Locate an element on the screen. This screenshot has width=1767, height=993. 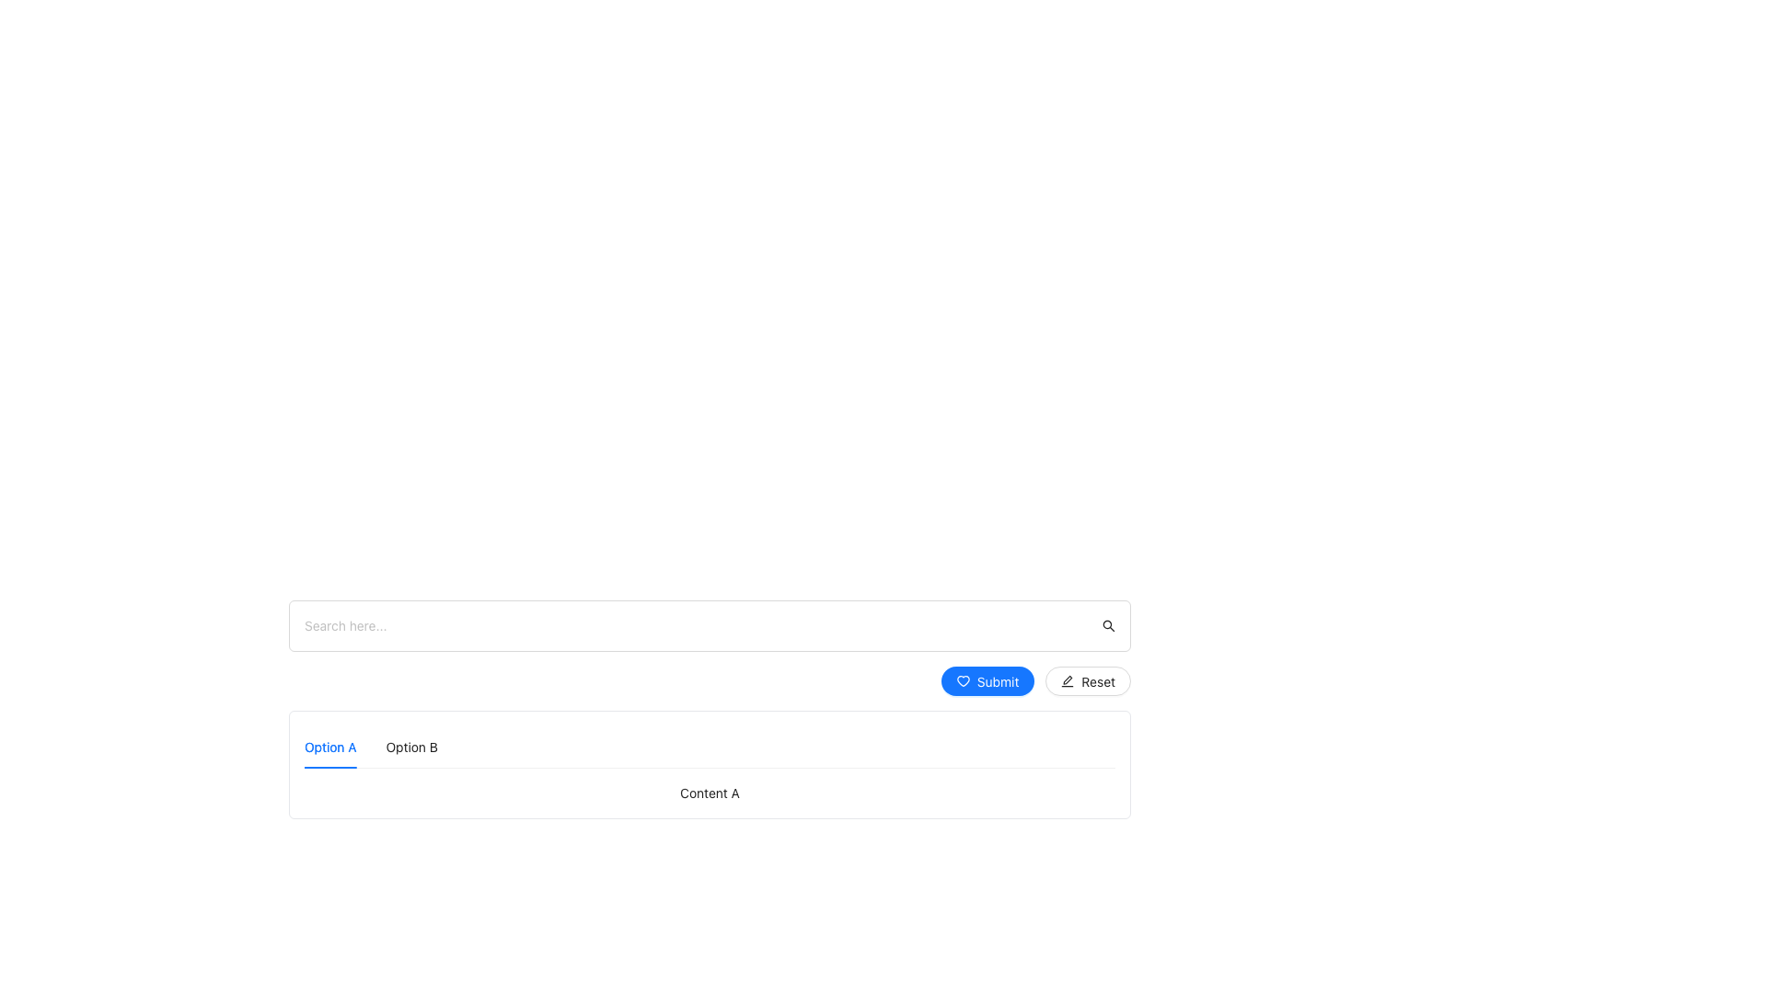
the magnifying glass icon located at the far-right end of the search bar is located at coordinates (1107, 625).